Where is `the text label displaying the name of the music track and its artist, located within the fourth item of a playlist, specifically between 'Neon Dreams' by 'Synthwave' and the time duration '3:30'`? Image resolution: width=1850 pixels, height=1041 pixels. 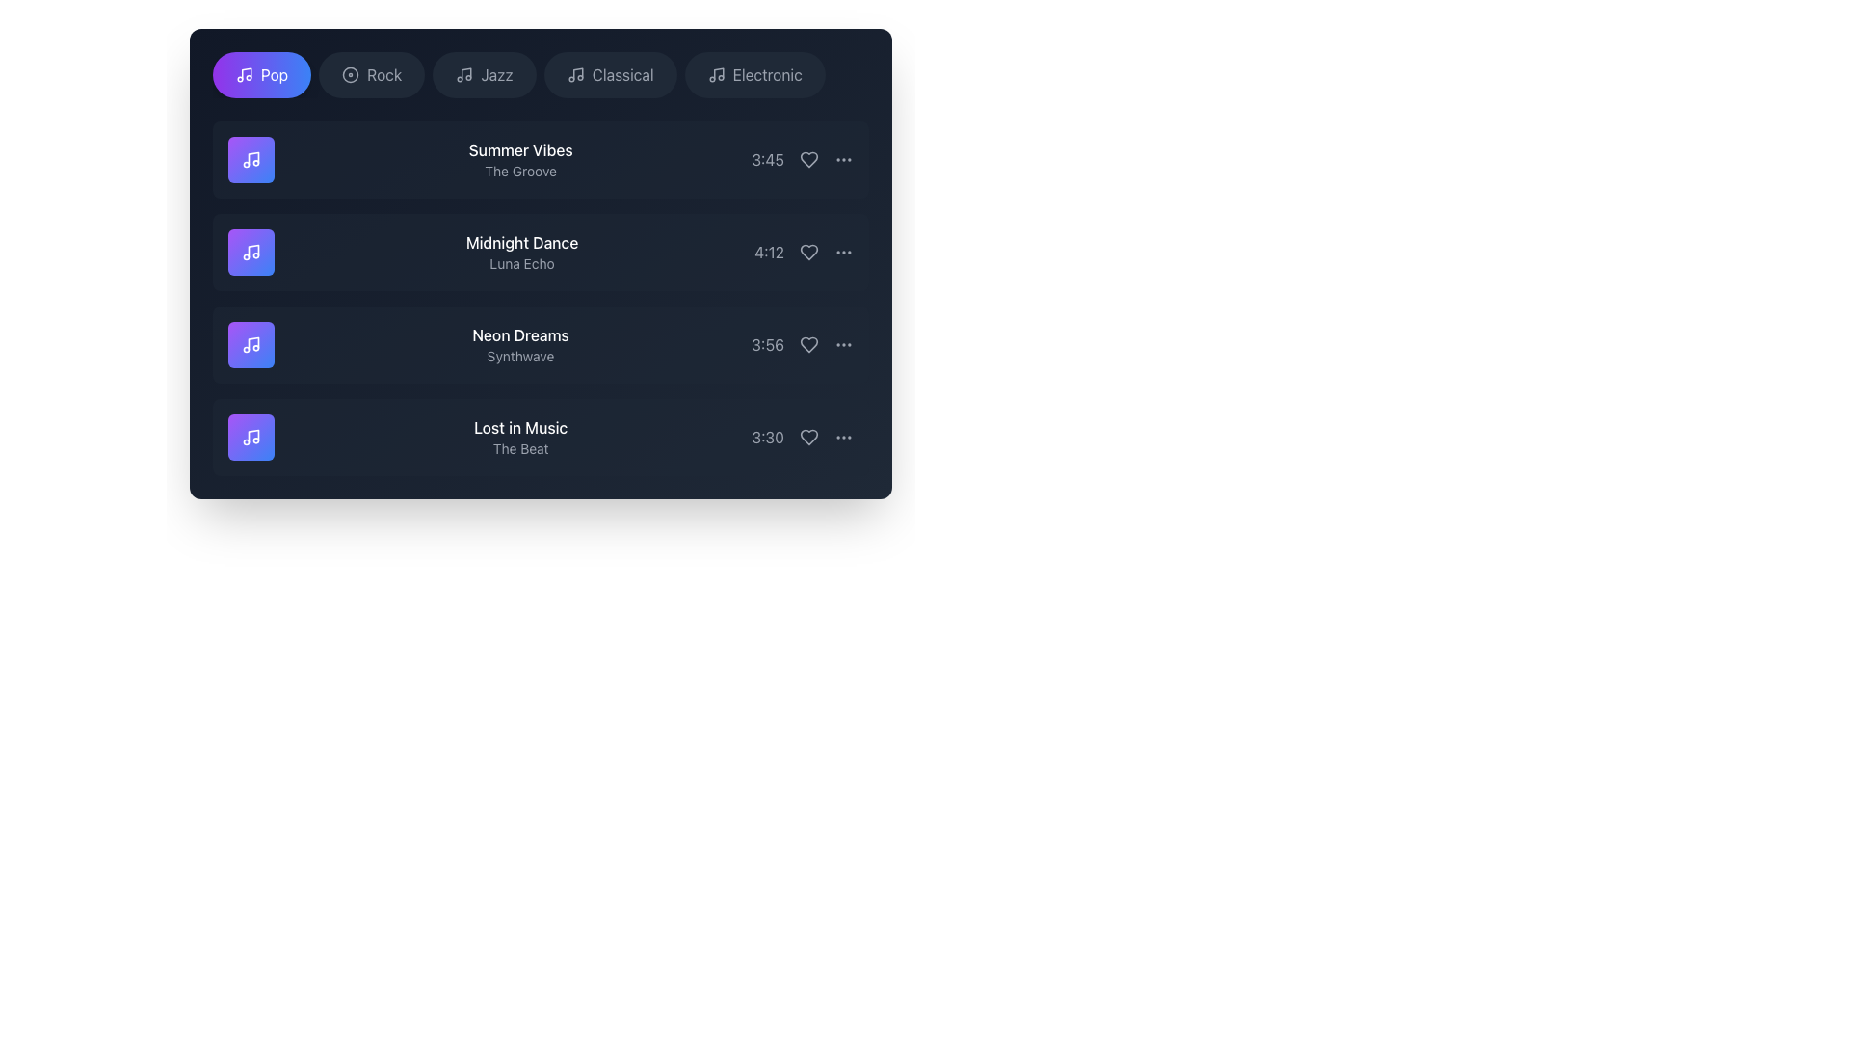
the text label displaying the name of the music track and its artist, located within the fourth item of a playlist, specifically between 'Neon Dreams' by 'Synthwave' and the time duration '3:30' is located at coordinates (520, 438).